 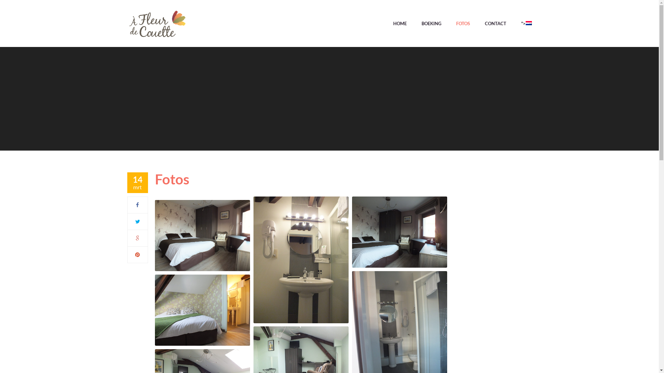 What do you see at coordinates (399, 25) in the screenshot?
I see `'HOME'` at bounding box center [399, 25].